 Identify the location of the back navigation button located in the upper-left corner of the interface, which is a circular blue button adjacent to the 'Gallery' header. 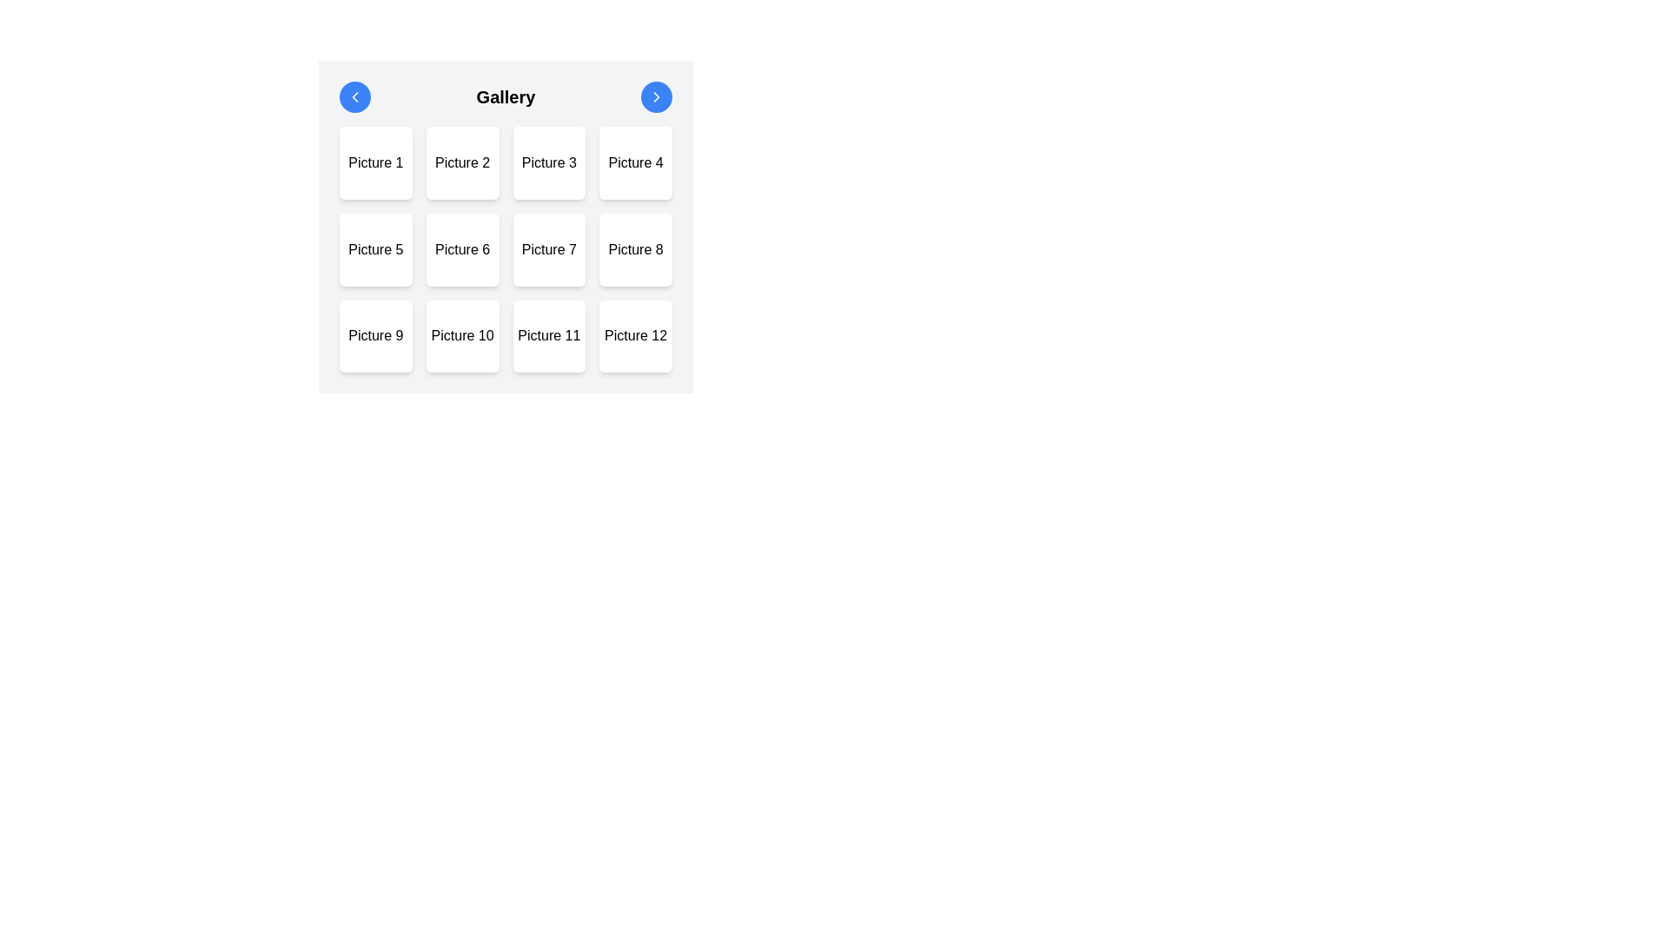
(354, 96).